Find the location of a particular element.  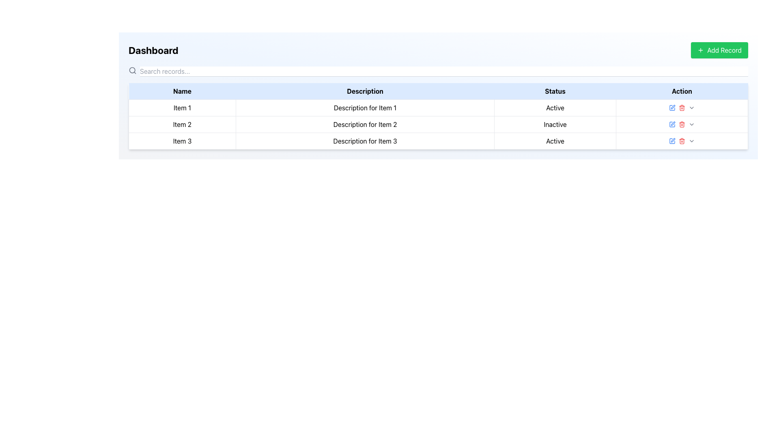

the 'Add Record' button located in the top-right corner of the interface, positioned to the right of the 'Dashboard' text is located at coordinates (719, 50).